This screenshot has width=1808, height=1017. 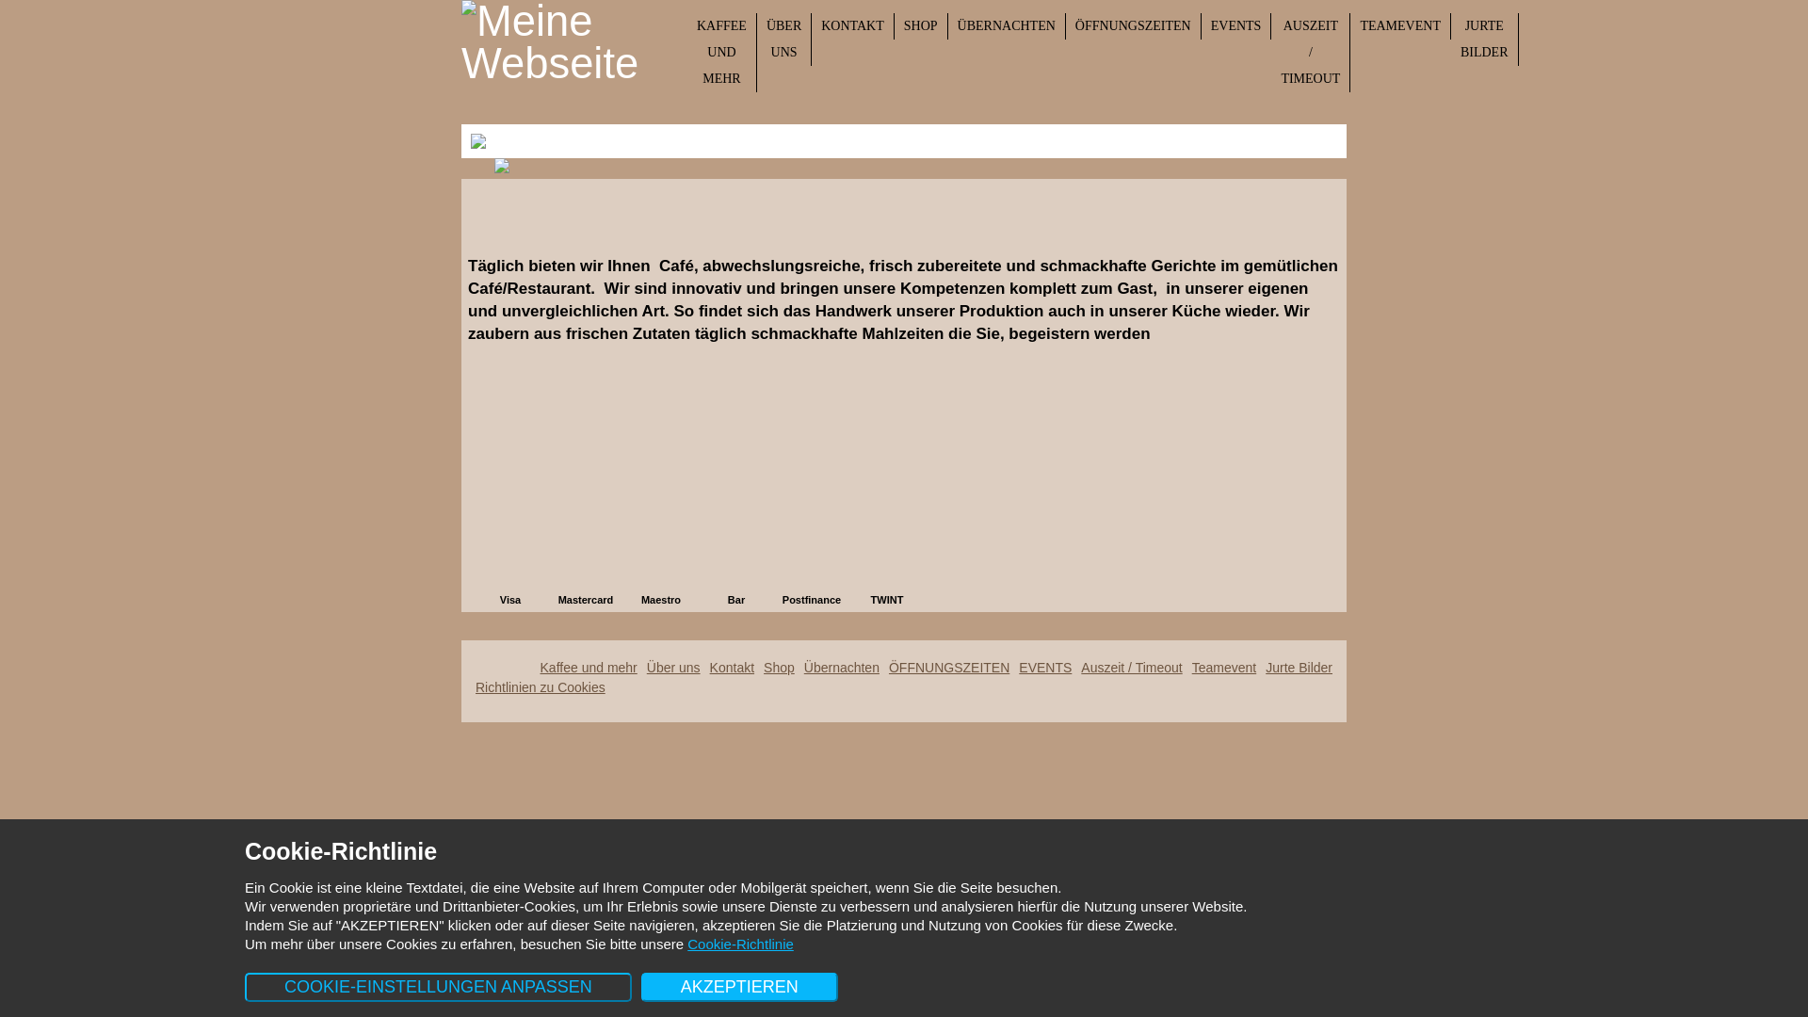 I want to click on 'Jurte Bilder', so click(x=1298, y=667).